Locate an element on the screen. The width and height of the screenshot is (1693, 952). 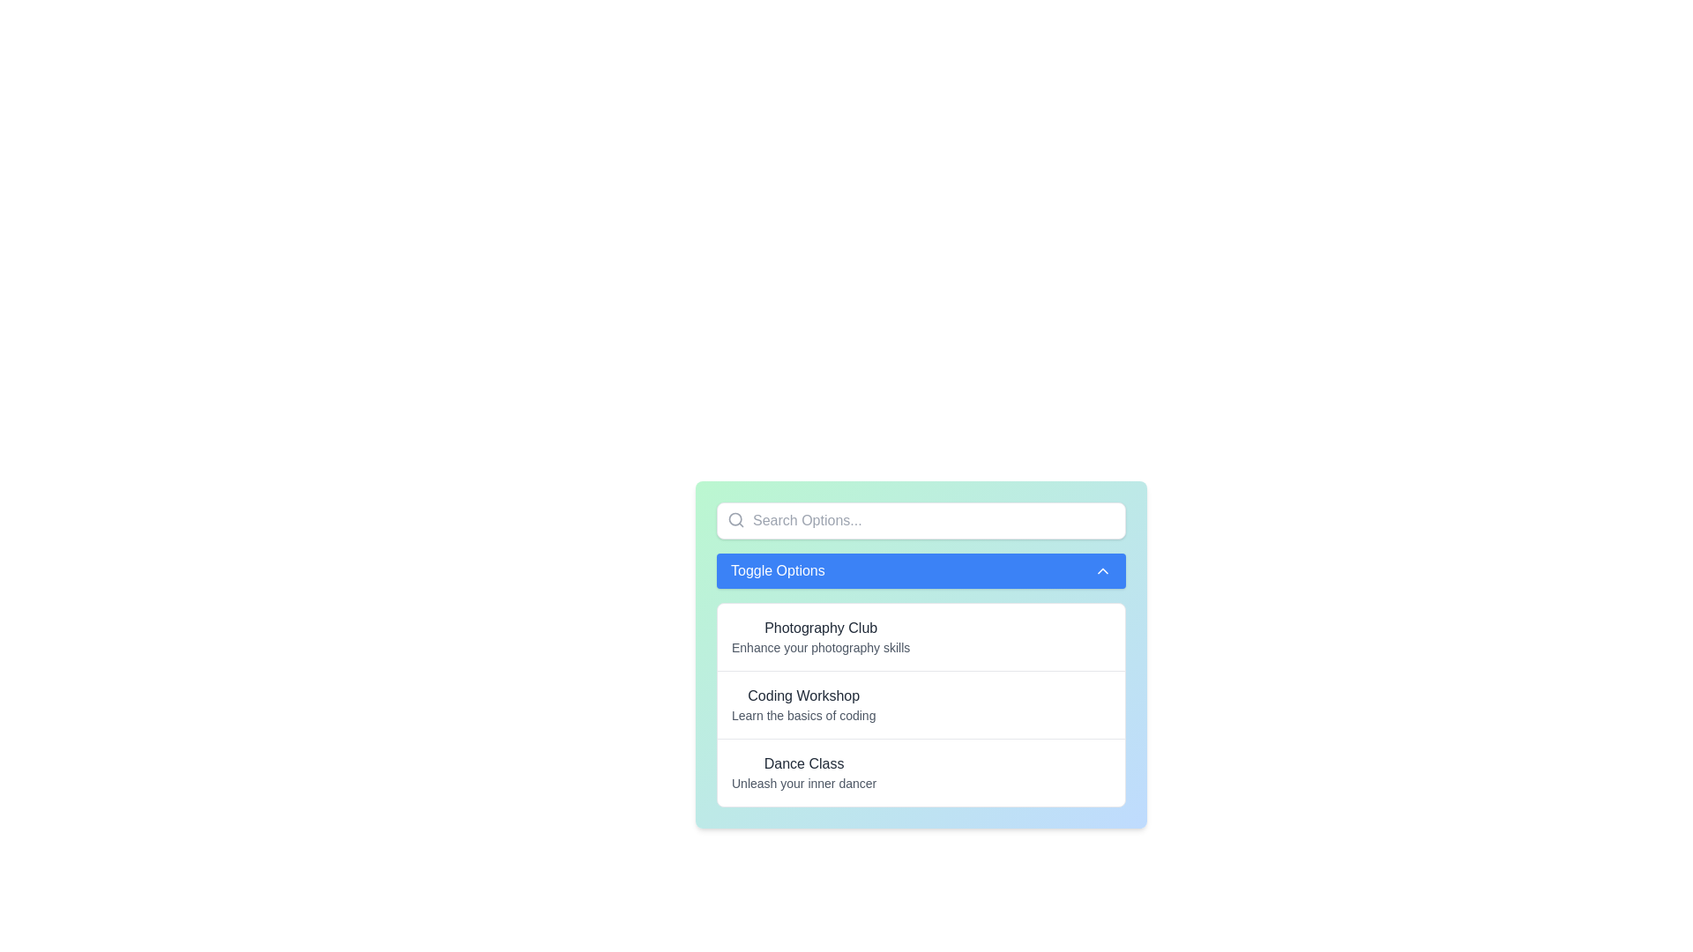
text label that says 'Learn the basics of coding', which is styled with a smaller font size and gray color, located beneath the header 'Coding Workshop' in the middle section of a vertical list interface is located at coordinates (802, 716).